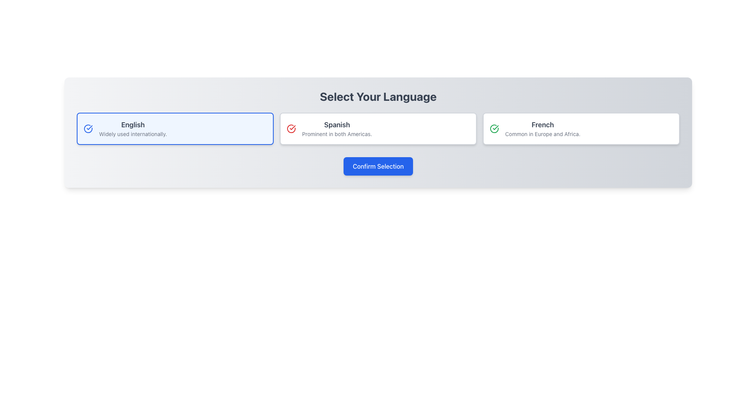 The width and height of the screenshot is (737, 414). Describe the element at coordinates (133, 128) in the screenshot. I see `the text label describing the language option 'English' located at the top right of the first card in the language options list` at that location.